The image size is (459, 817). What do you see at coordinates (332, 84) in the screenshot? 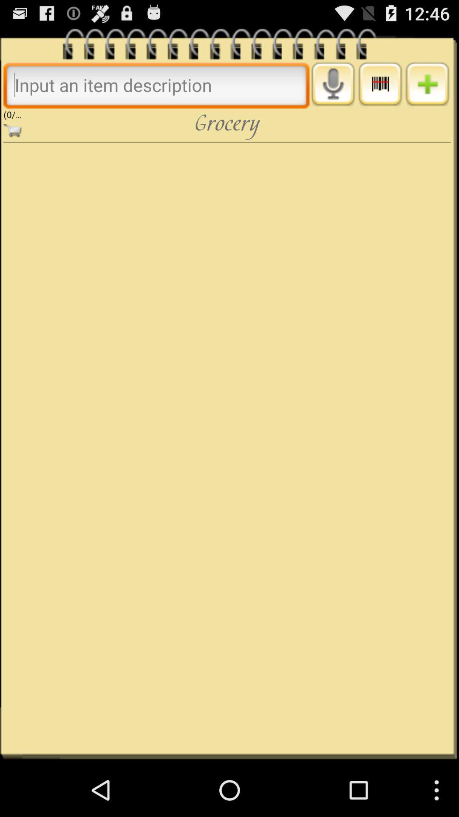
I see `use microphone` at bounding box center [332, 84].